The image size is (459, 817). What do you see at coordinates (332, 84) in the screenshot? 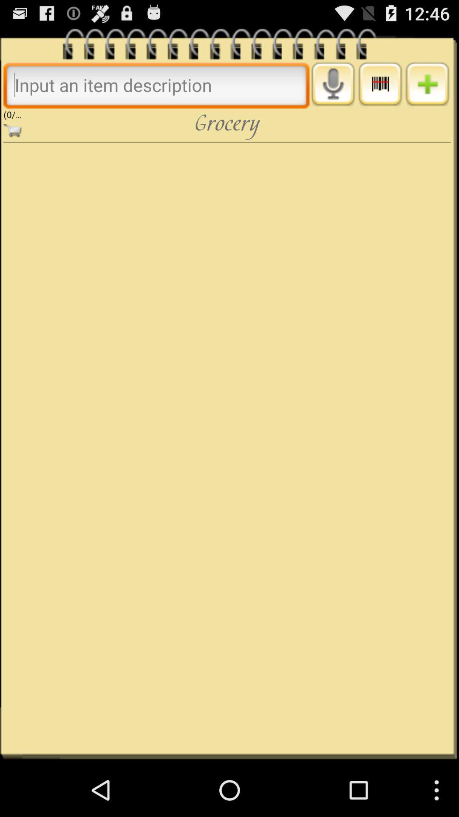
I see `use microphone` at bounding box center [332, 84].